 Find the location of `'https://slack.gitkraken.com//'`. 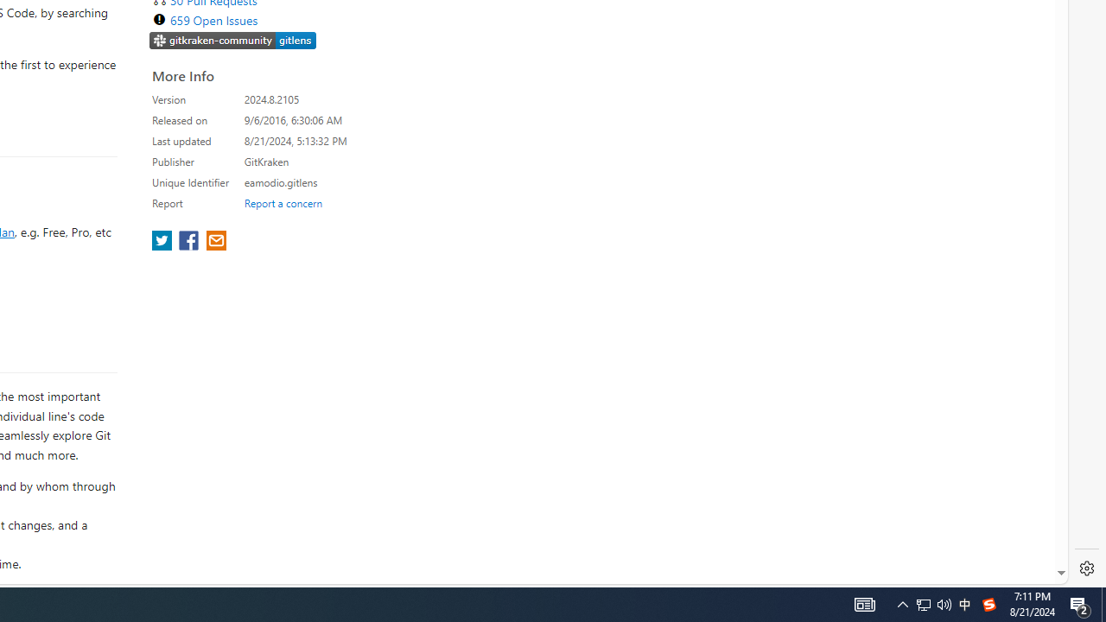

'https://slack.gitkraken.com//' is located at coordinates (232, 41).